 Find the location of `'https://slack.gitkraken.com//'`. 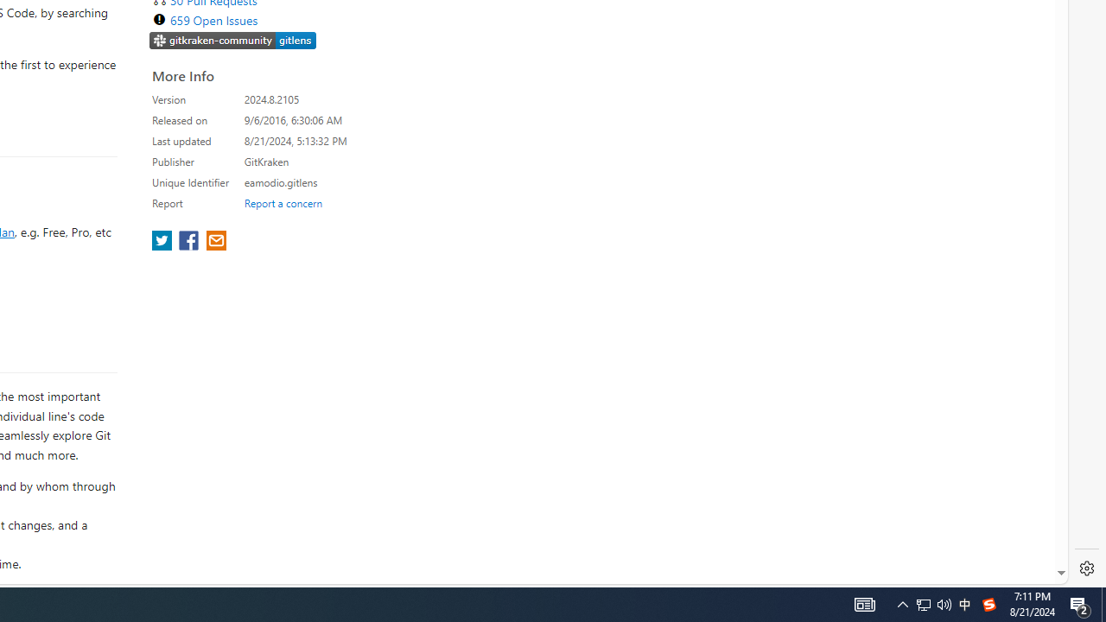

'https://slack.gitkraken.com//' is located at coordinates (232, 41).